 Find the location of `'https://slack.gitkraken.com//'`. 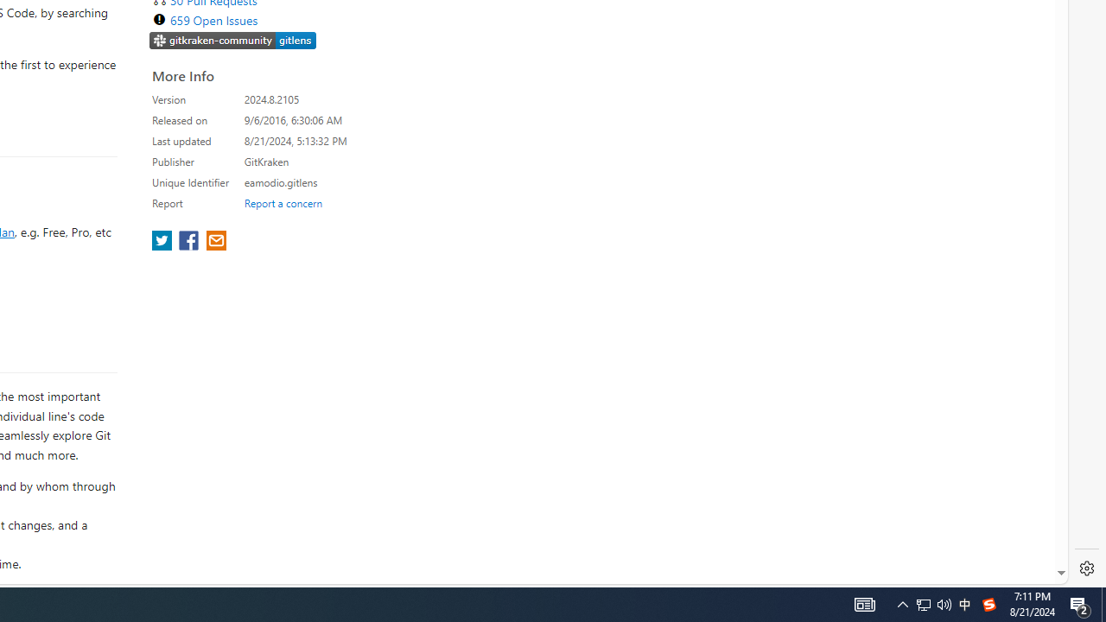

'https://slack.gitkraken.com//' is located at coordinates (232, 41).